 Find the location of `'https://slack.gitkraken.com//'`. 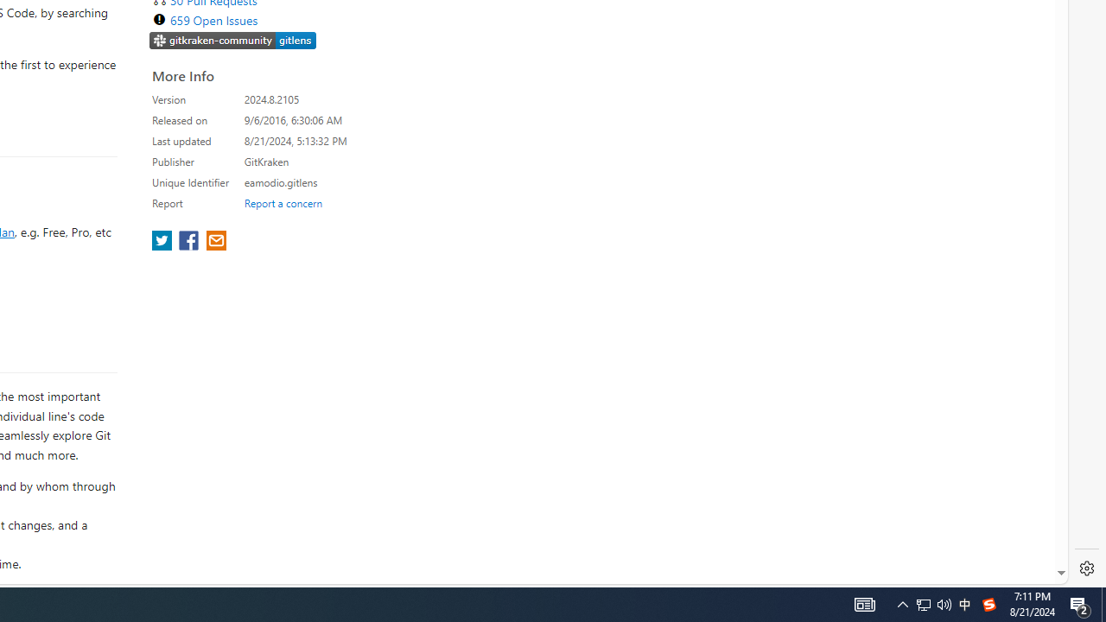

'https://slack.gitkraken.com//' is located at coordinates (232, 41).